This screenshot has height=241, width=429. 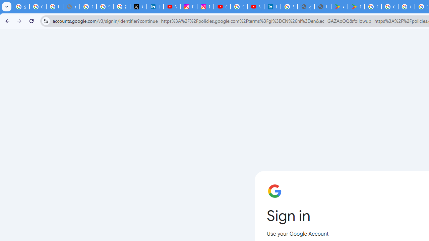 What do you see at coordinates (340, 7) in the screenshot?
I see `'Android Apps on Google Play'` at bounding box center [340, 7].